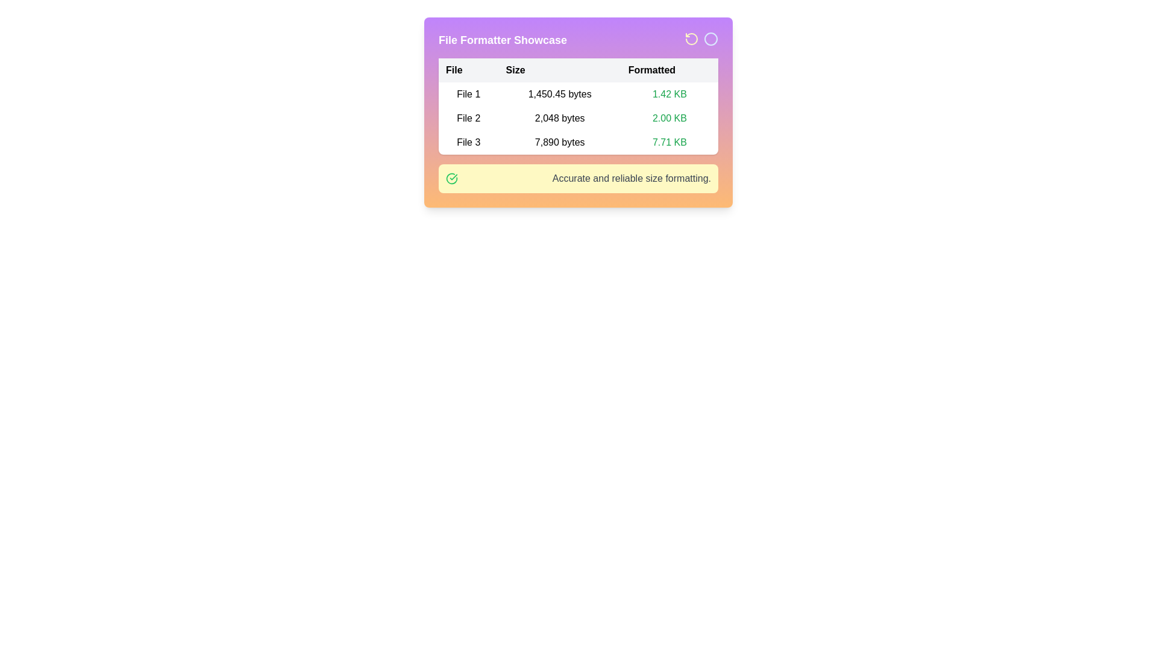 The height and width of the screenshot is (650, 1157). What do you see at coordinates (669, 70) in the screenshot?
I see `the static text label 'Formatted' located as the third column header in a table, positioned to the right of 'File' and 'Size'` at bounding box center [669, 70].